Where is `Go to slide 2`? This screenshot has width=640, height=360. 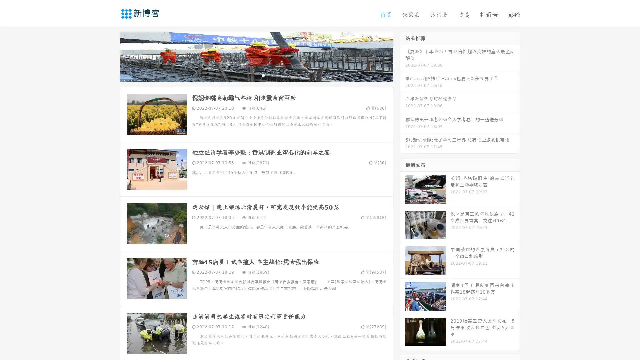 Go to slide 2 is located at coordinates (256, 75).